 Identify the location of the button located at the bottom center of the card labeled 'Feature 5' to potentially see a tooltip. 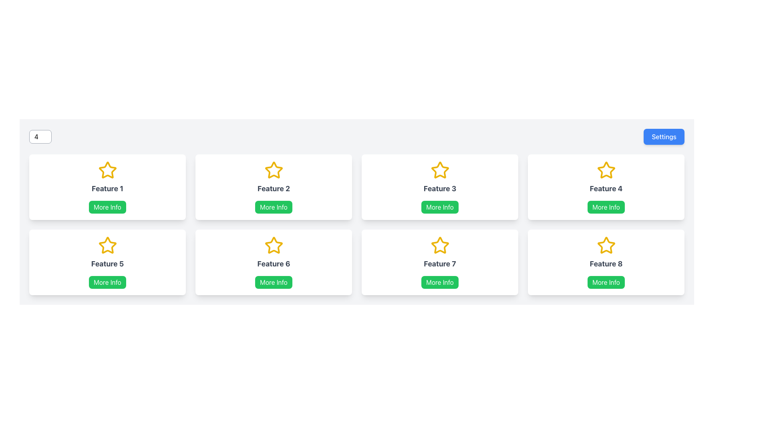
(107, 282).